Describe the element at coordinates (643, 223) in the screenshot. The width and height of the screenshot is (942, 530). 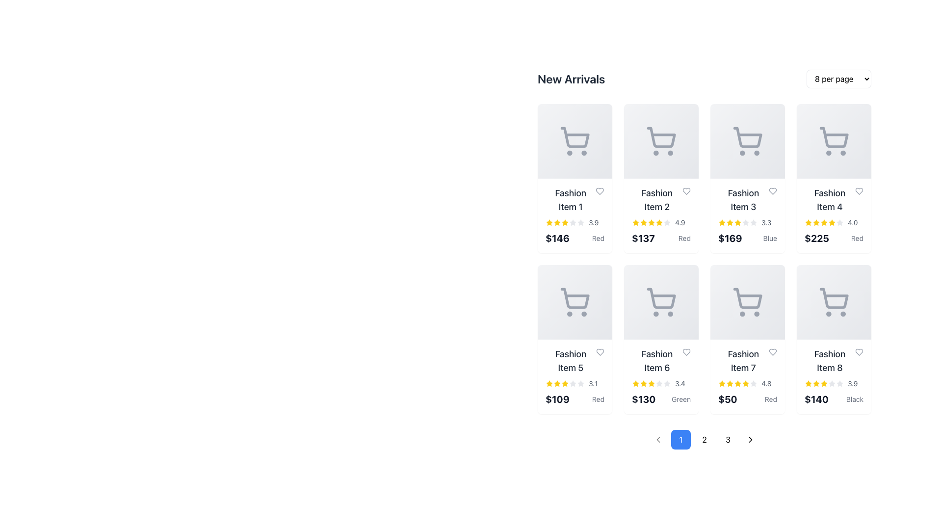
I see `the third star icon in the five-star rating system for the product labeled 'Fashion Item 2'` at that location.